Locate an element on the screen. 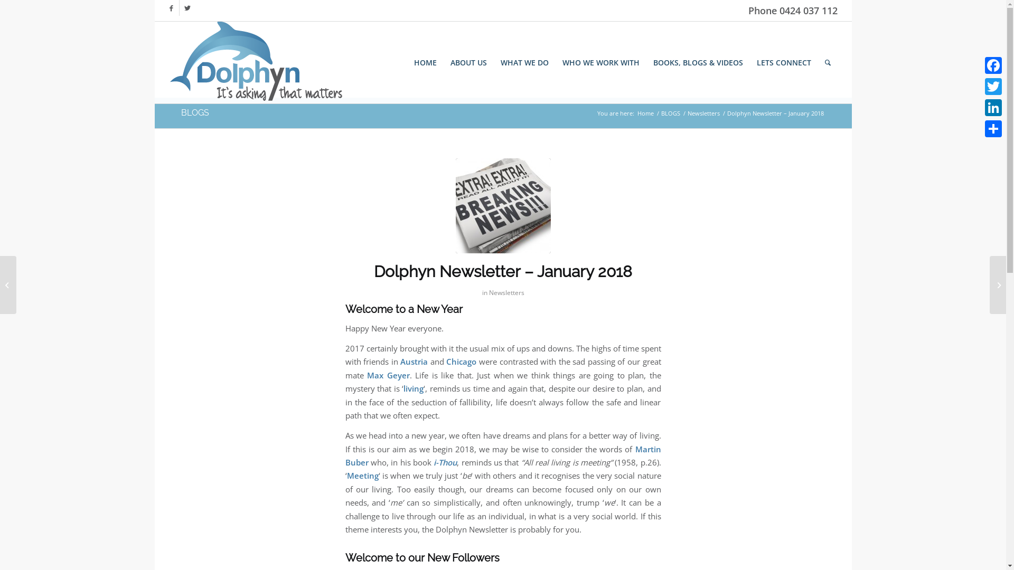  'BOOKS, BLOGS & VIDEOS' is located at coordinates (698, 62).